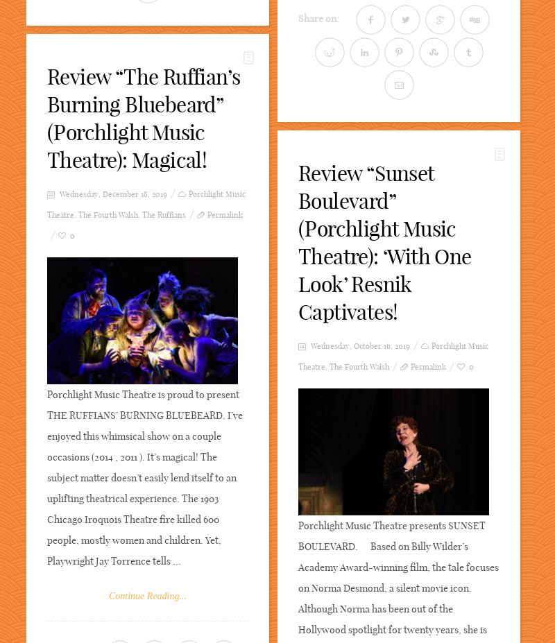 The image size is (555, 643). What do you see at coordinates (112, 194) in the screenshot?
I see `'Wednesday, December 18, 2019'` at bounding box center [112, 194].